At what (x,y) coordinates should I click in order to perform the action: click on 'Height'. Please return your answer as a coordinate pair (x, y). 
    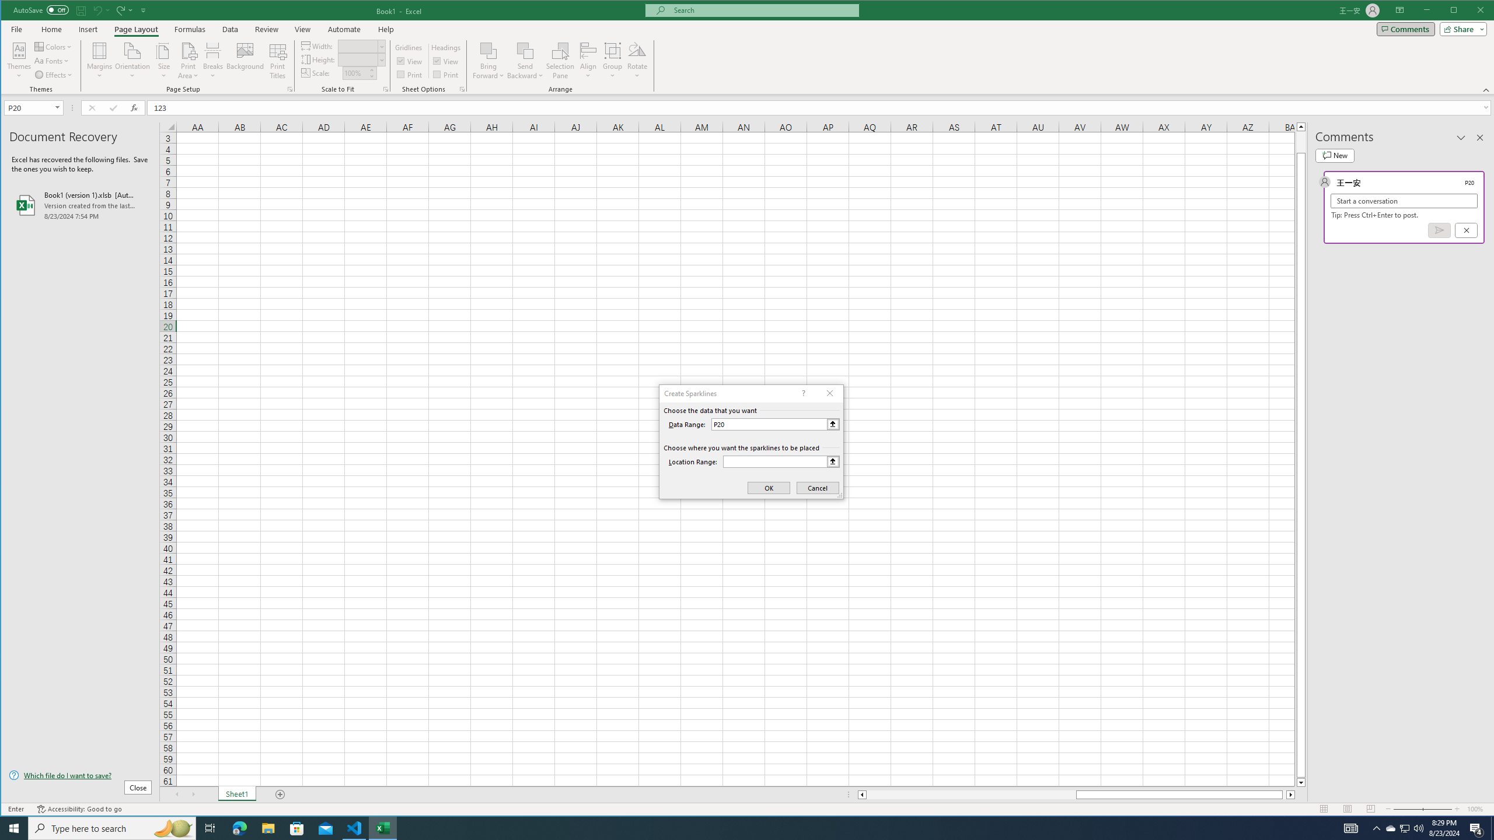
    Looking at the image, I should click on (361, 60).